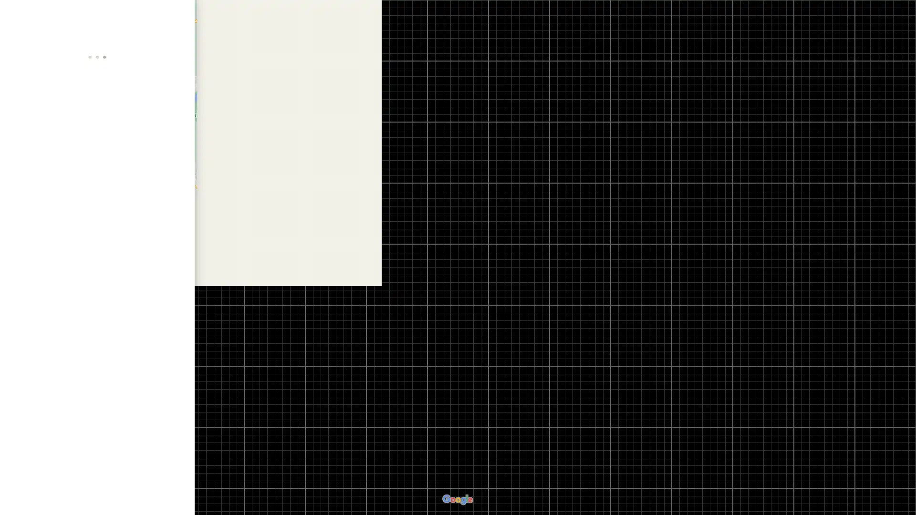 This screenshot has height=515, width=916. I want to click on Copy plus code, so click(164, 296).